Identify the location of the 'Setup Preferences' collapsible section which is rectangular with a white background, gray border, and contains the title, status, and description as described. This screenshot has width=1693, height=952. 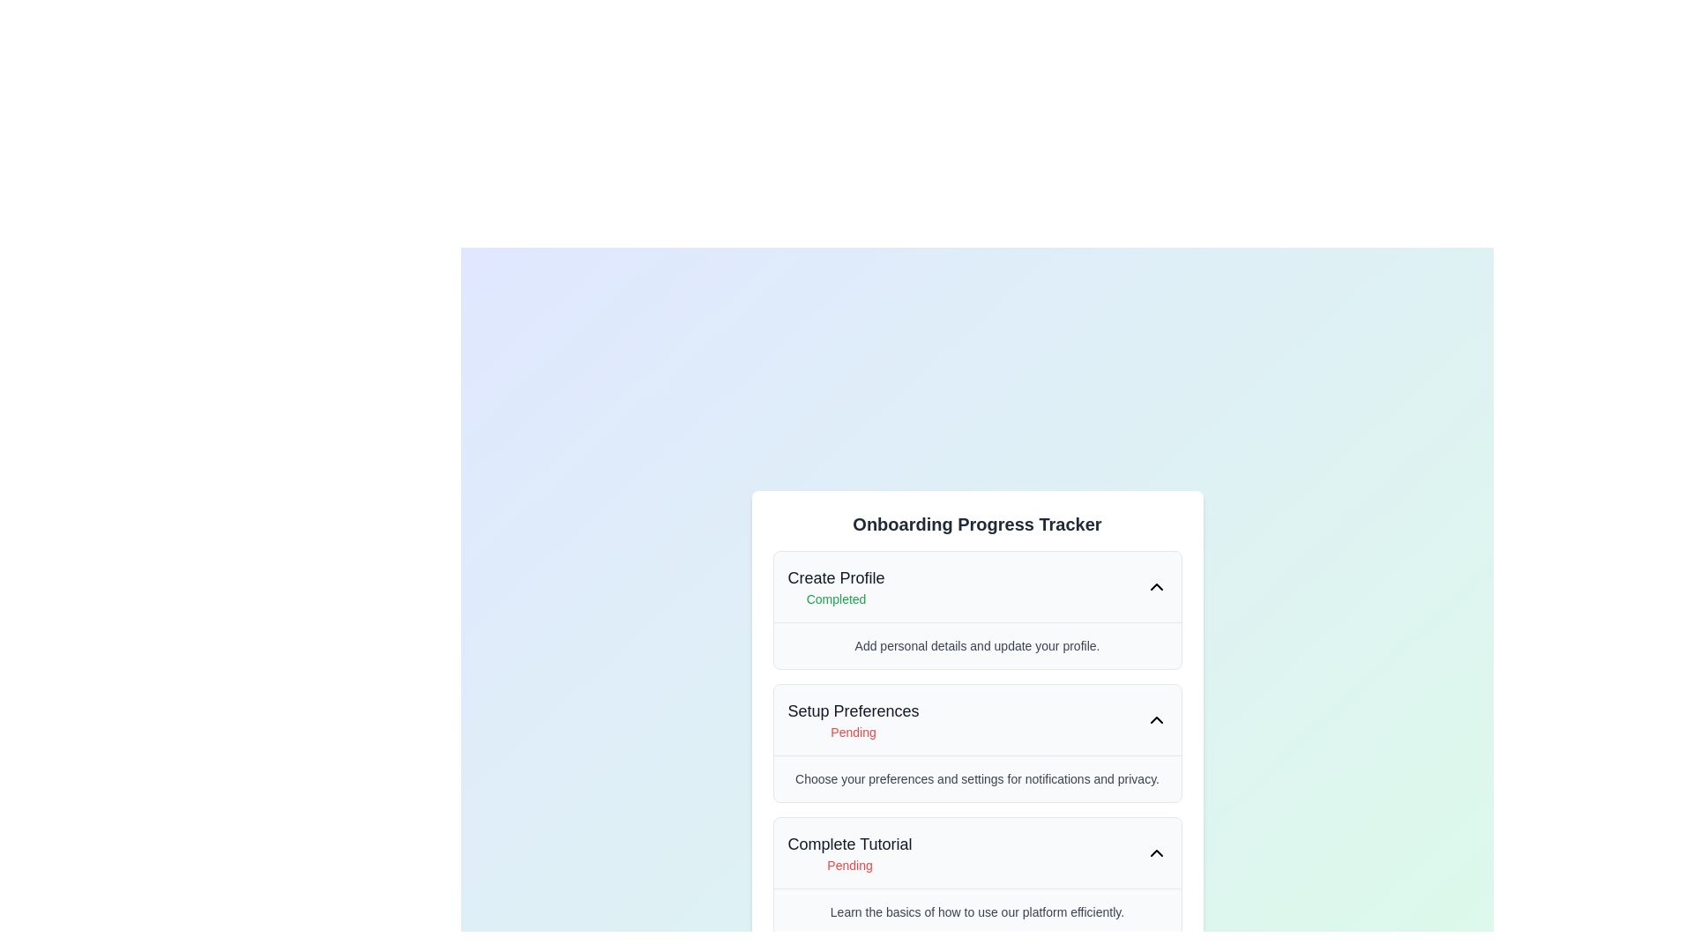
(976, 743).